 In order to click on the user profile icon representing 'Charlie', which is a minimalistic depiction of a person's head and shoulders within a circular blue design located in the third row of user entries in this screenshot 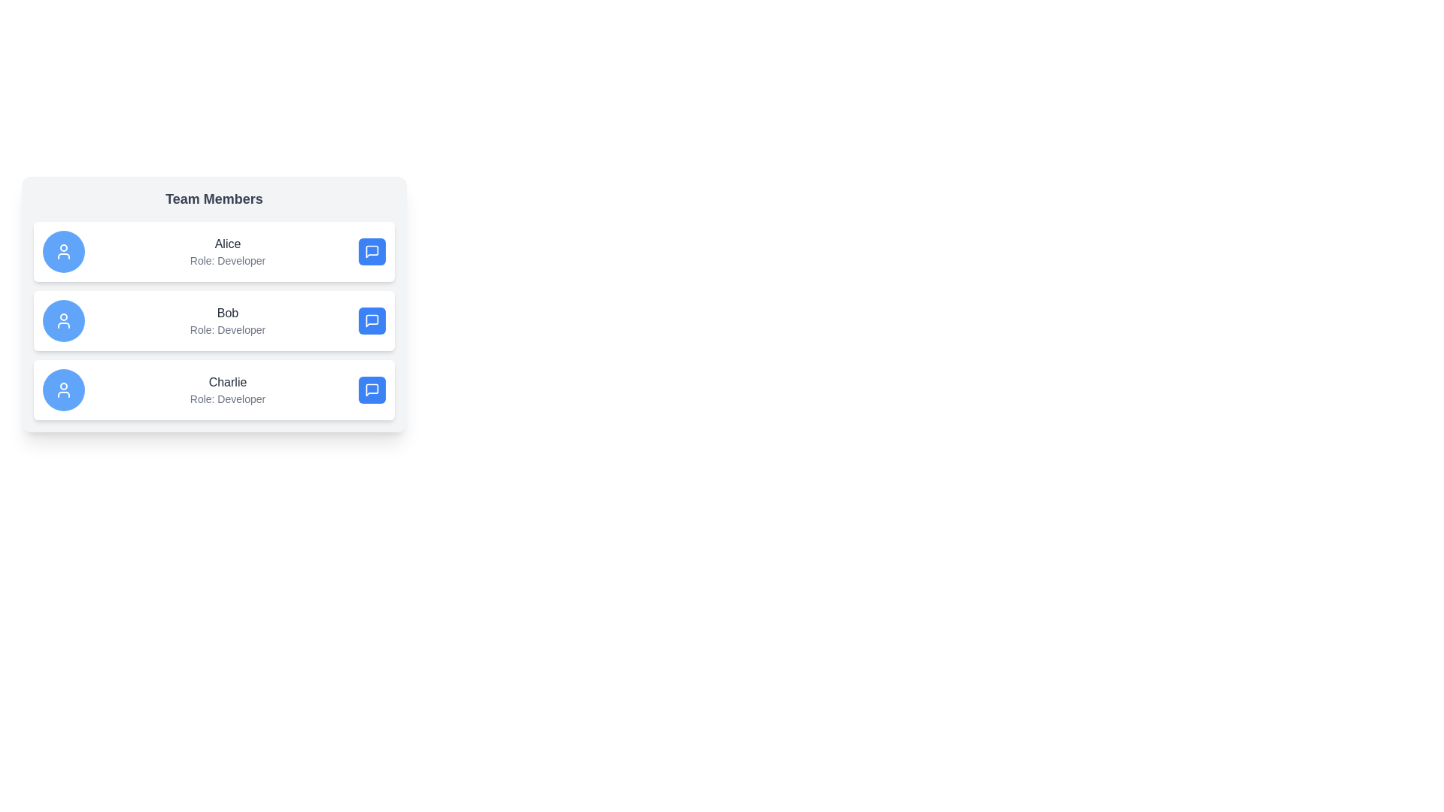, I will do `click(63, 389)`.